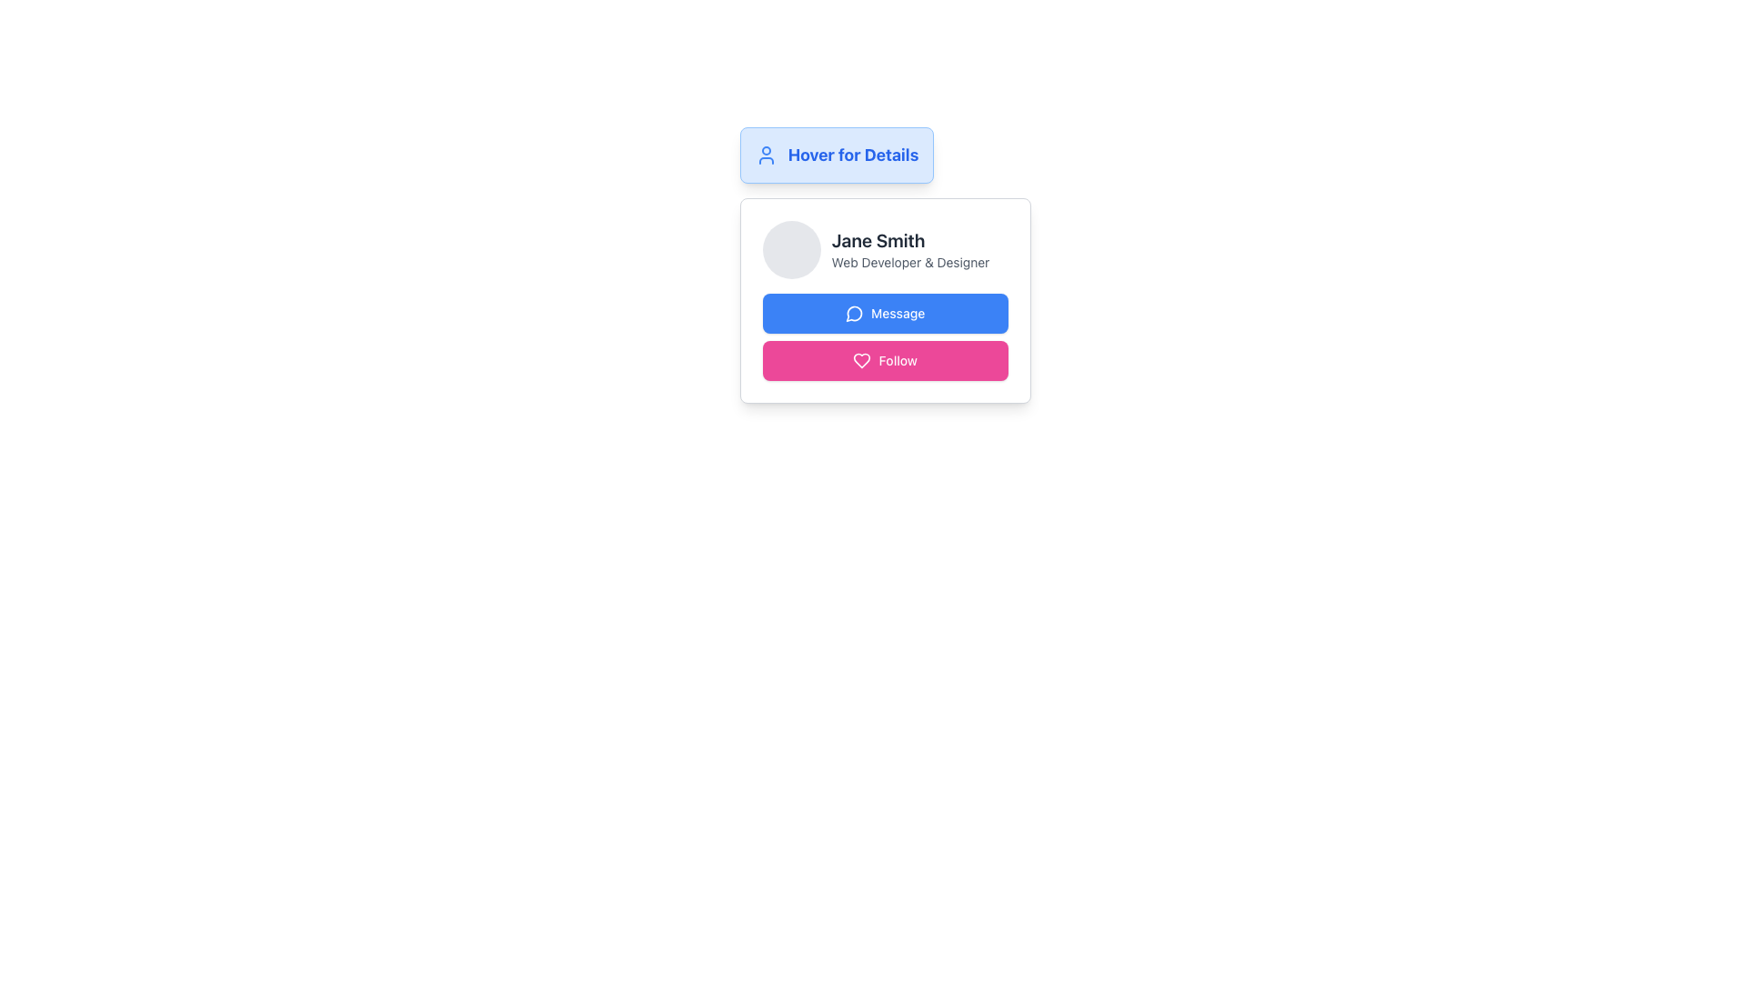 The image size is (1746, 982). What do you see at coordinates (854, 312) in the screenshot?
I see `the circular messaging icon located at the center-left of the 'Message' button, positioned below the profile heading area` at bounding box center [854, 312].